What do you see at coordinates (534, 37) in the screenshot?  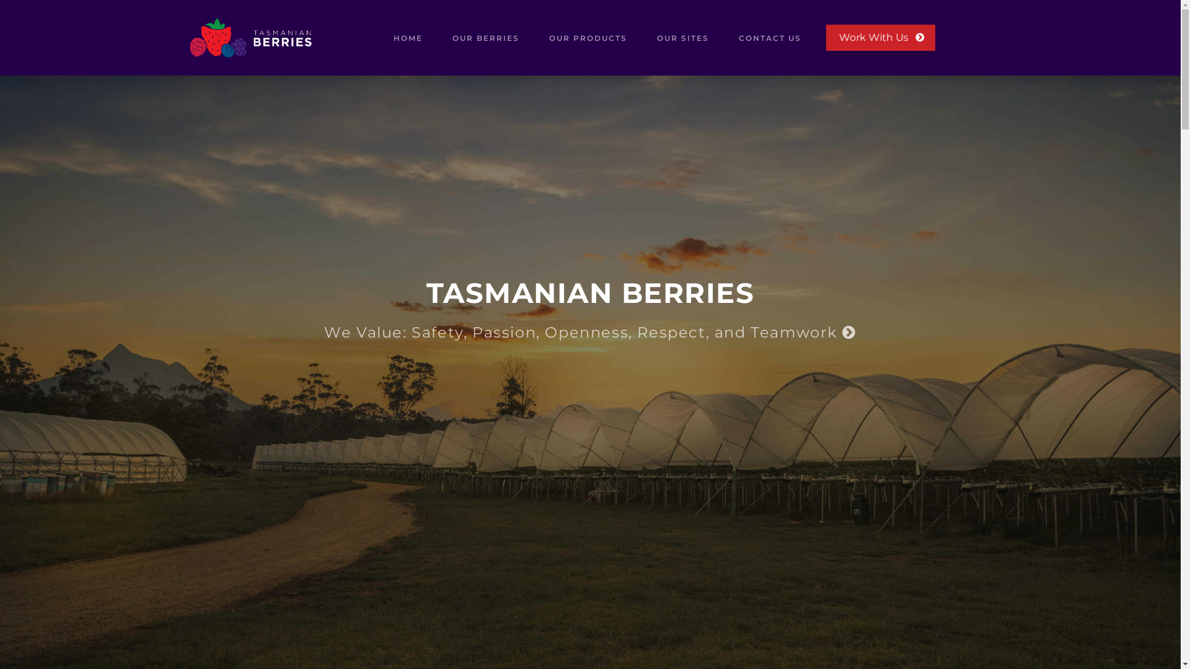 I see `'OUR PRODUCTS'` at bounding box center [534, 37].